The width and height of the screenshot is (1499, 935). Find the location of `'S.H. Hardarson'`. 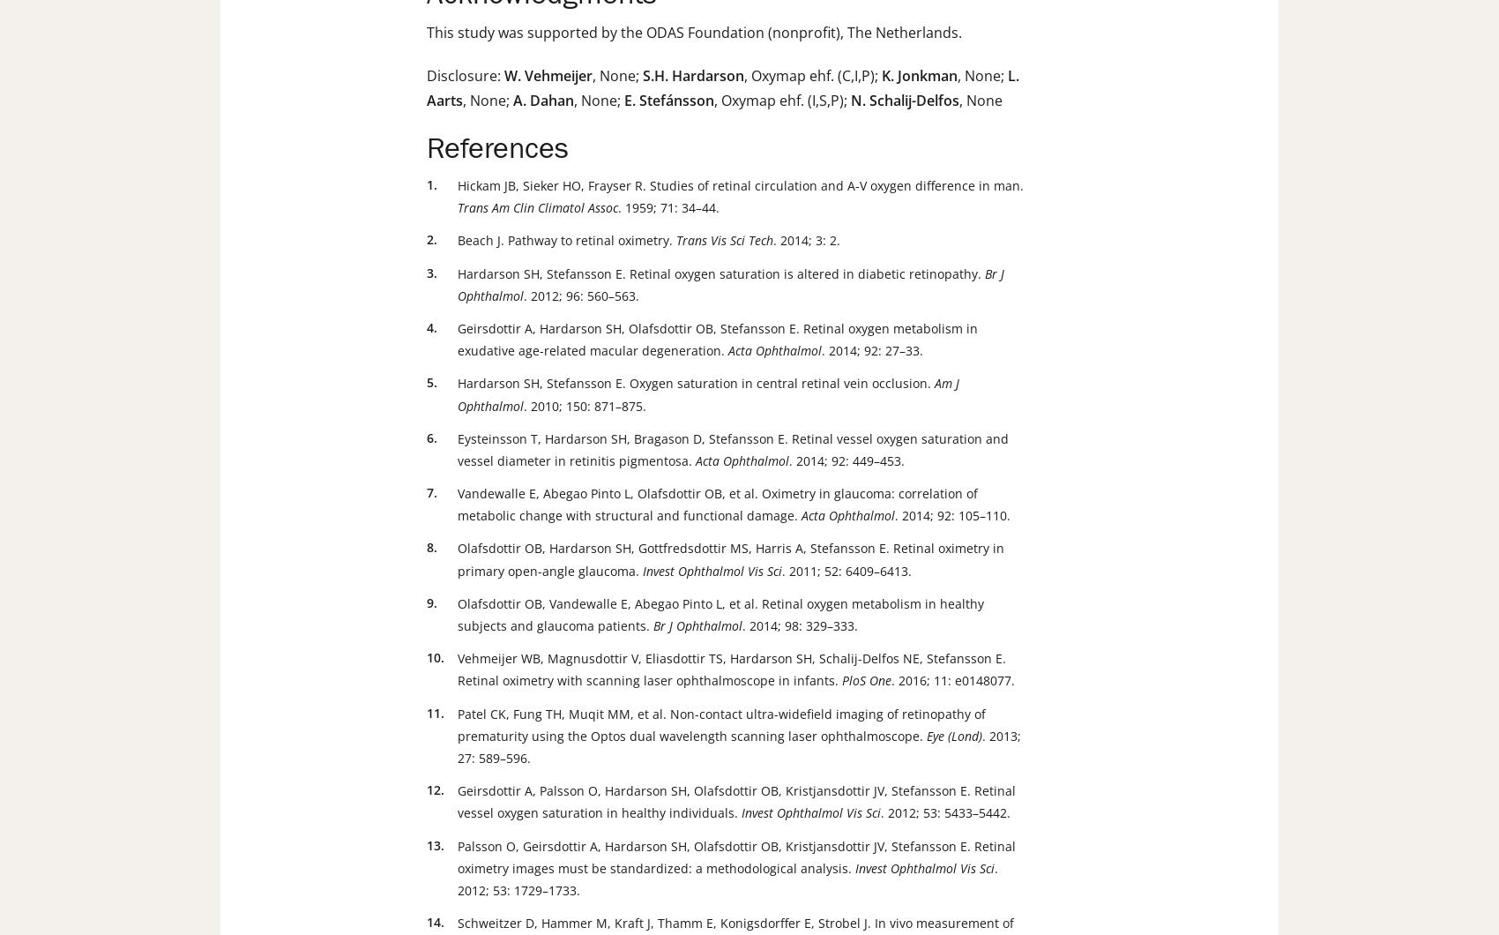

'S.H. Hardarson' is located at coordinates (692, 75).